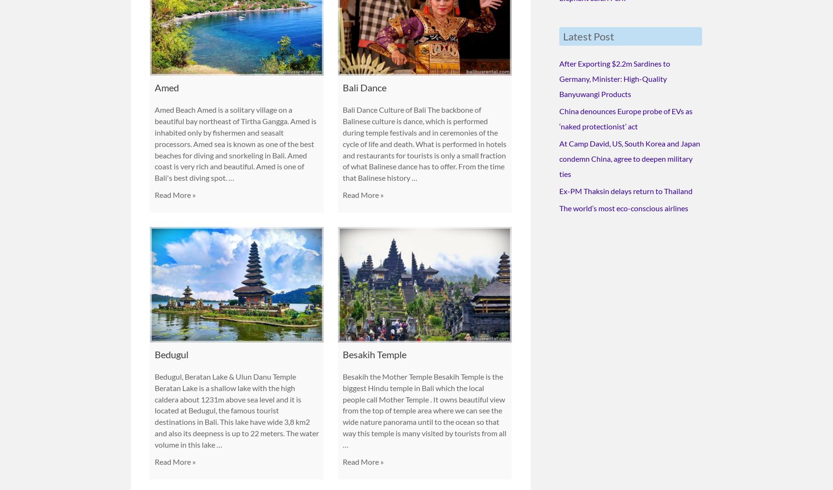  Describe the element at coordinates (154, 143) in the screenshot. I see `'Amed Beach Amed is a solitary village on a beautiful bay northeast of Tirtha Gangga. Amed is inhabited only by fishermen and seasalt processors. Amed sea is known as one of the best beaches for diving and snorkeling in Bali. Amed coast is very rich and beautiful. Amed is one of Bali's best diving spot. …'` at that location.